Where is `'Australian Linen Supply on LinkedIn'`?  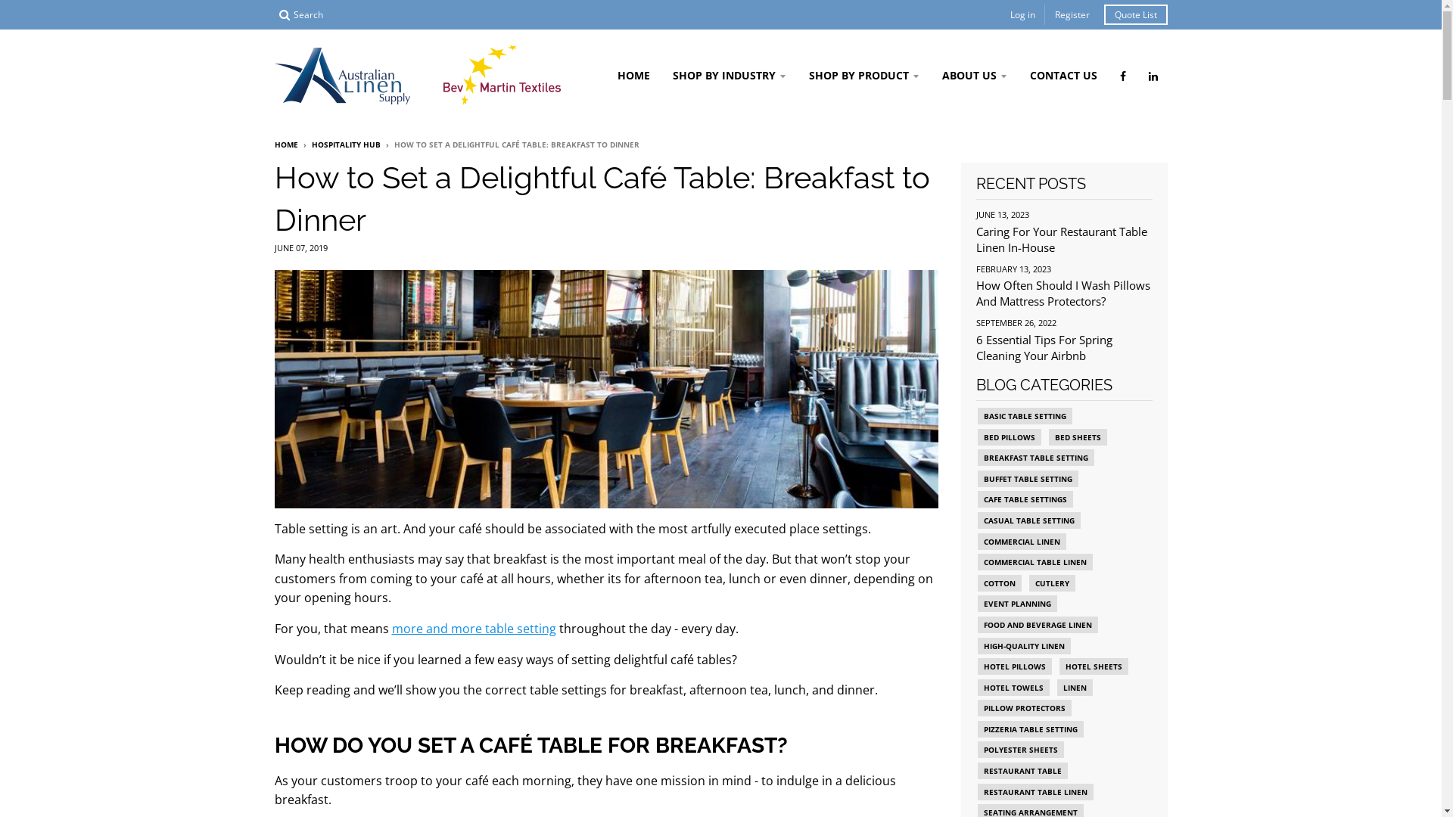 'Australian Linen Supply on LinkedIn' is located at coordinates (1151, 76).